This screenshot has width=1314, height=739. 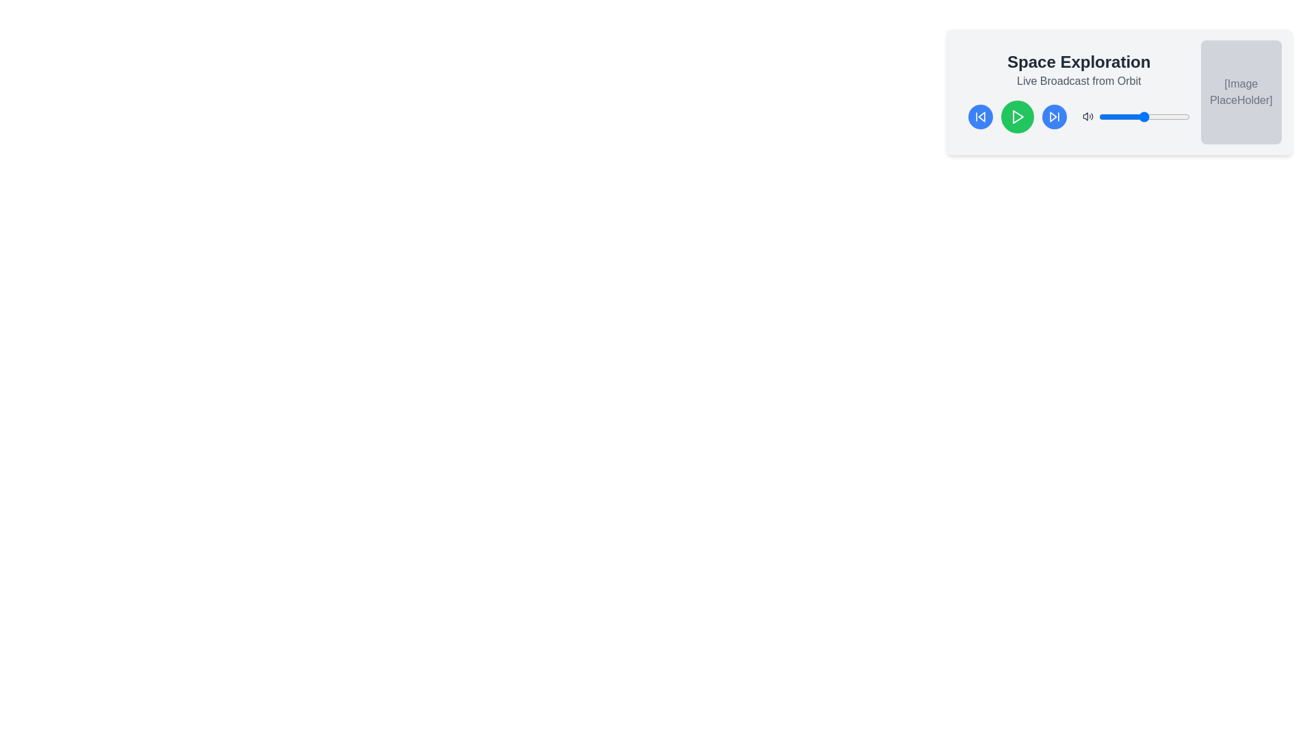 What do you see at coordinates (1018, 116) in the screenshot?
I see `the minimalistic play button icon, which is styled as a triangle pointing to the right, located within the central green circular button in the 'Space Exploration' section` at bounding box center [1018, 116].